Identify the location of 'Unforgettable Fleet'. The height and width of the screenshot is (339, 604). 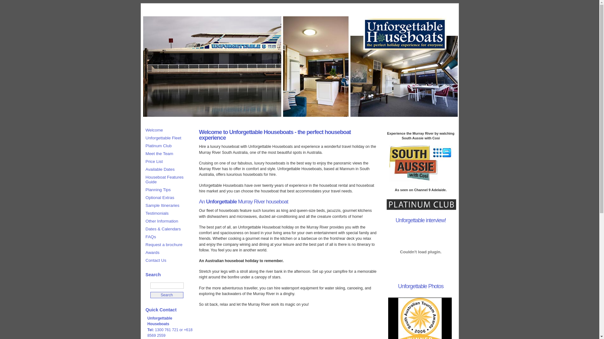
(168, 137).